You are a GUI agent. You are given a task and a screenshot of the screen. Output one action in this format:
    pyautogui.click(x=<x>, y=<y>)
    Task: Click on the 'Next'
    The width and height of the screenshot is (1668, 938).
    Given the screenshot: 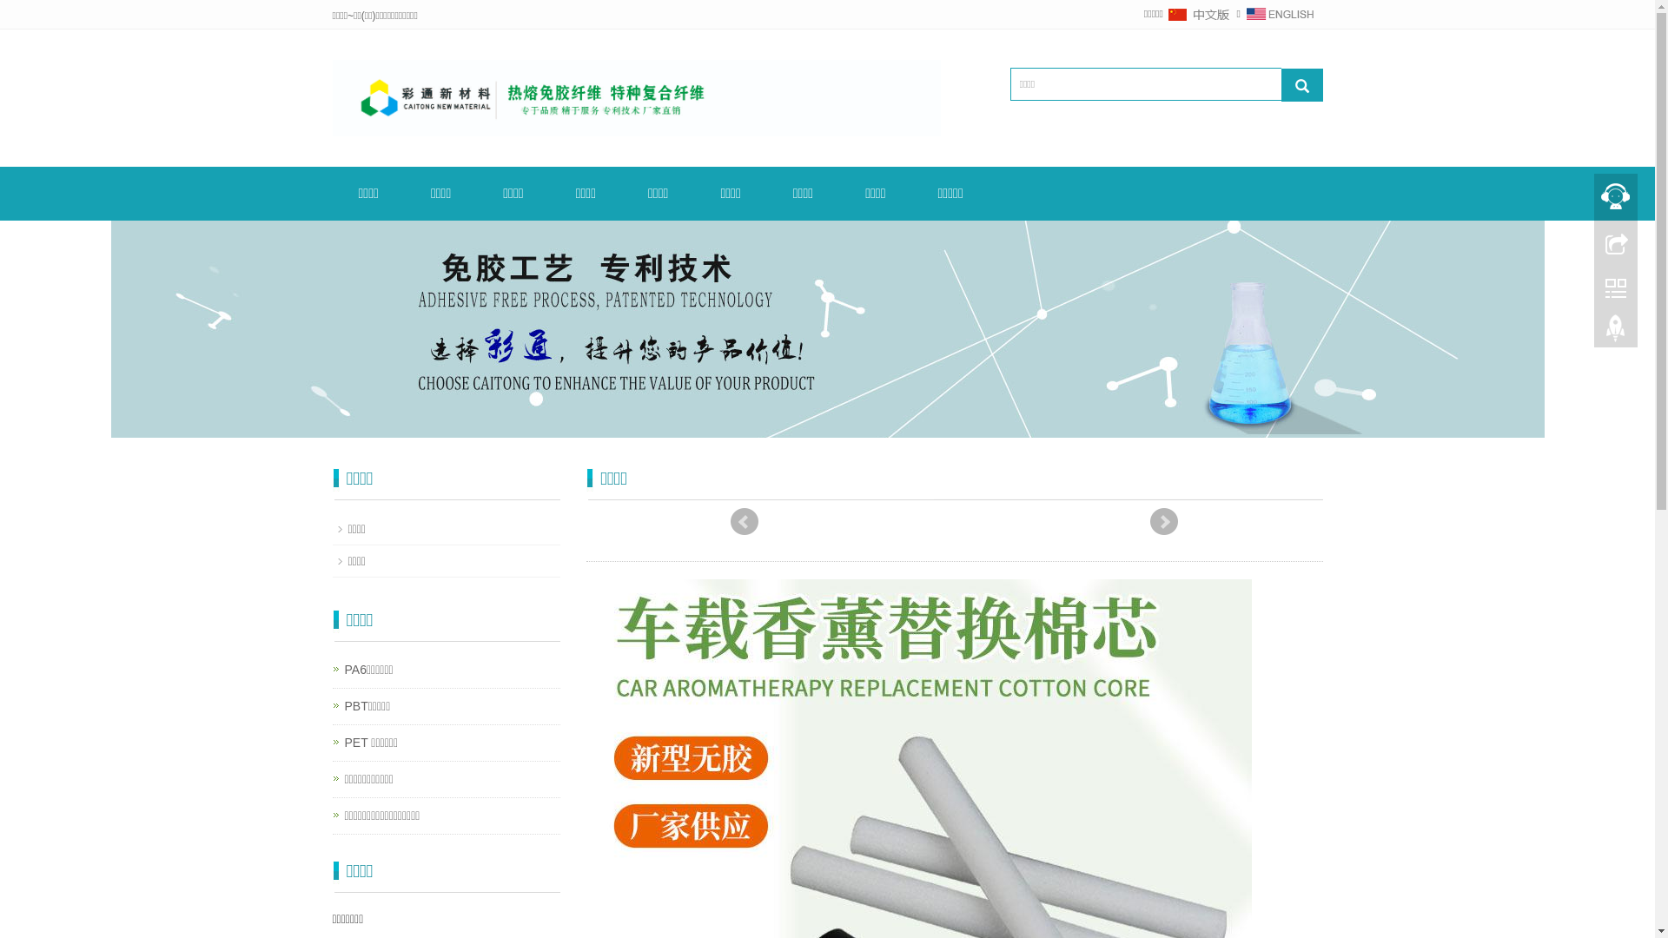 What is the action you would take?
    pyautogui.click(x=1163, y=521)
    